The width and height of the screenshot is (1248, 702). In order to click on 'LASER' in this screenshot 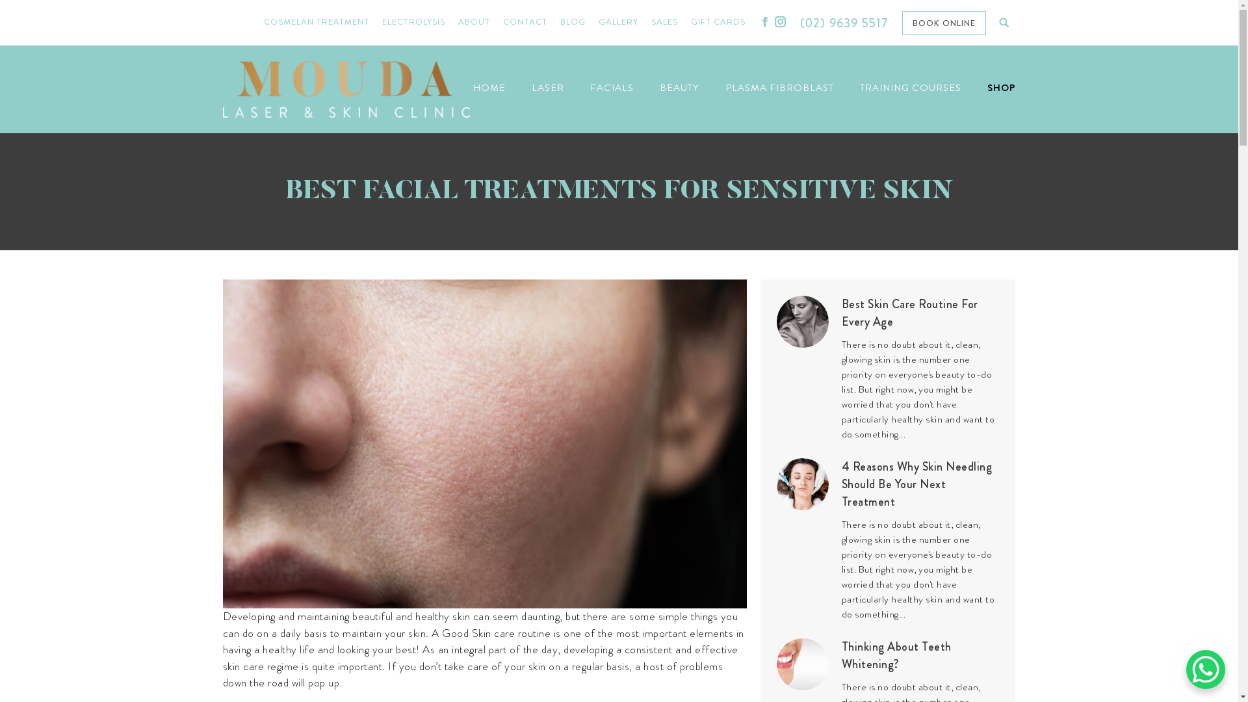, I will do `click(548, 88)`.